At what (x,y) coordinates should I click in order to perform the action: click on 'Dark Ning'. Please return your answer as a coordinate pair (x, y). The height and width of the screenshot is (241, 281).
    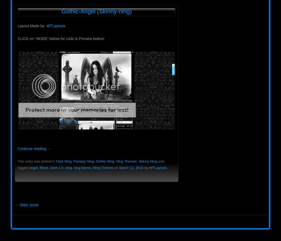
    Looking at the image, I should click on (64, 161).